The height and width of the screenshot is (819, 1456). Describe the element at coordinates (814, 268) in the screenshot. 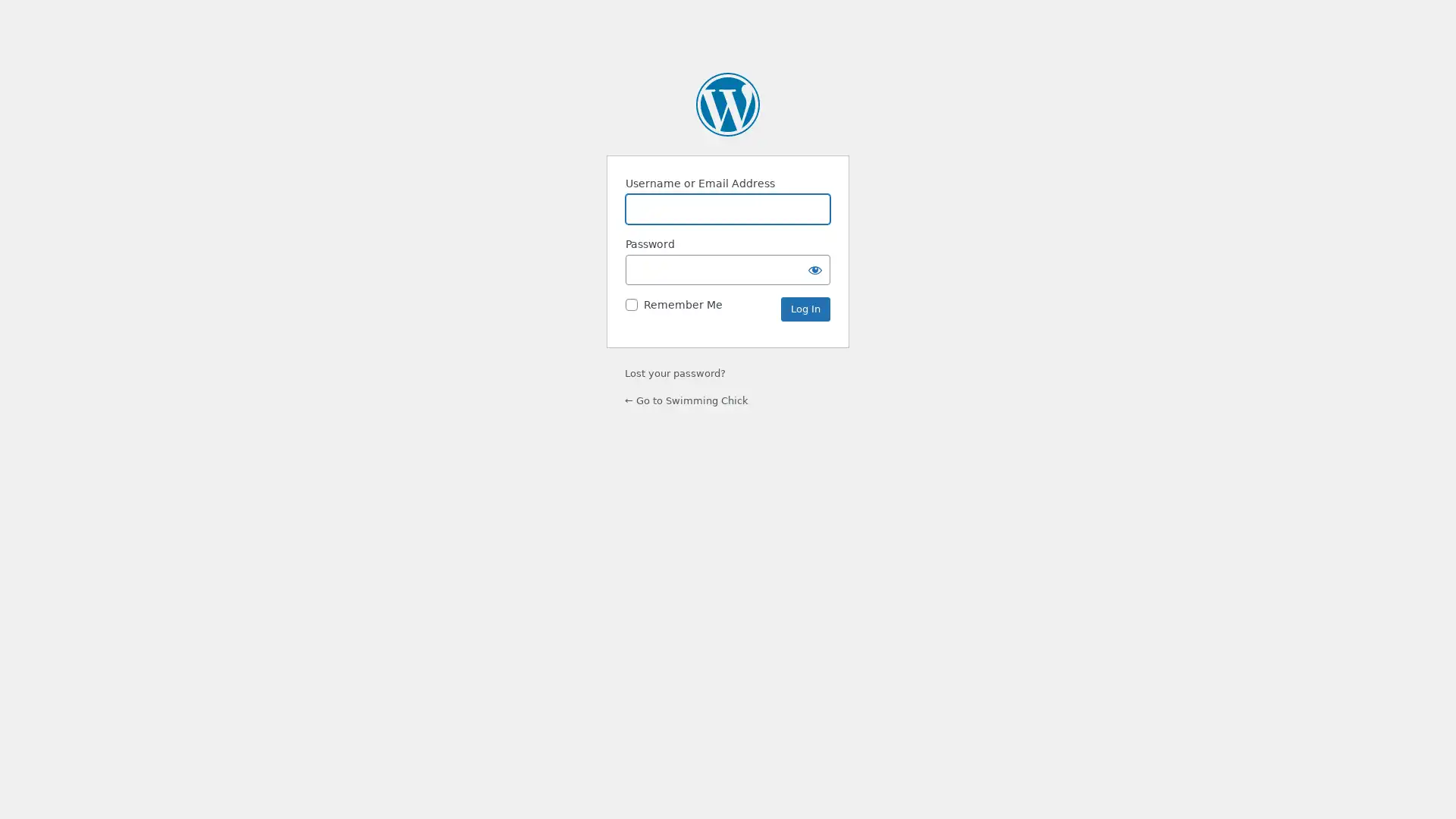

I see `Show password` at that location.